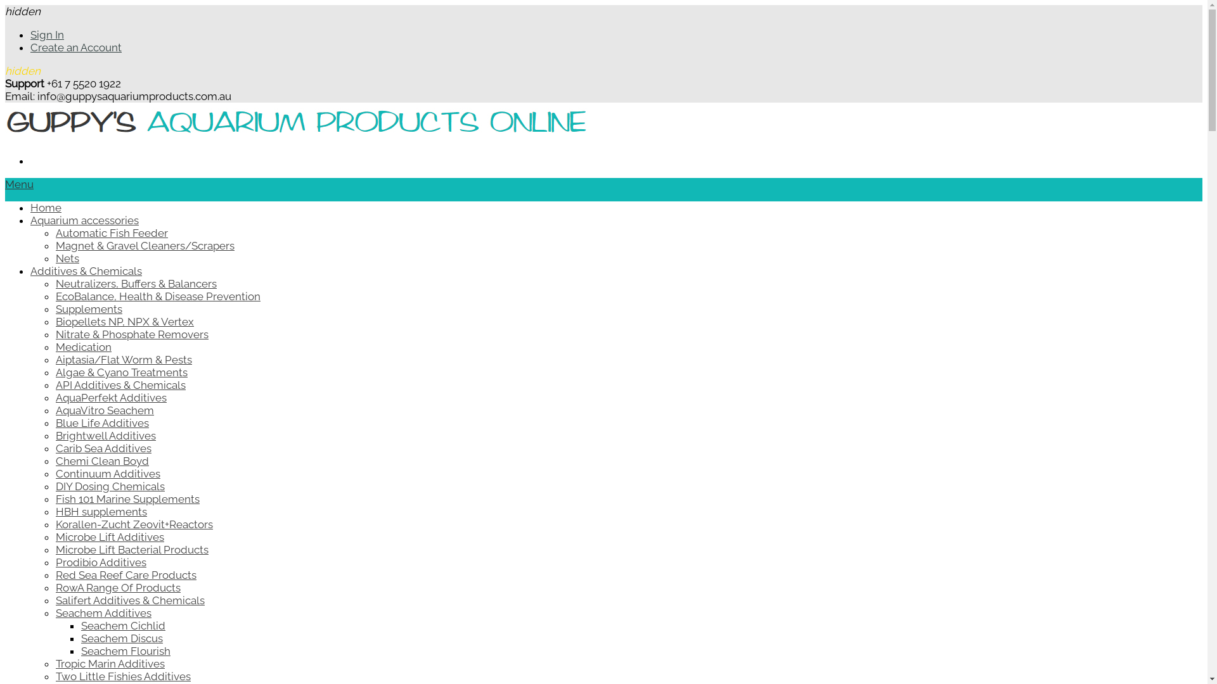 The image size is (1217, 684). I want to click on 'Salifert Additives & Chemicals', so click(130, 600).